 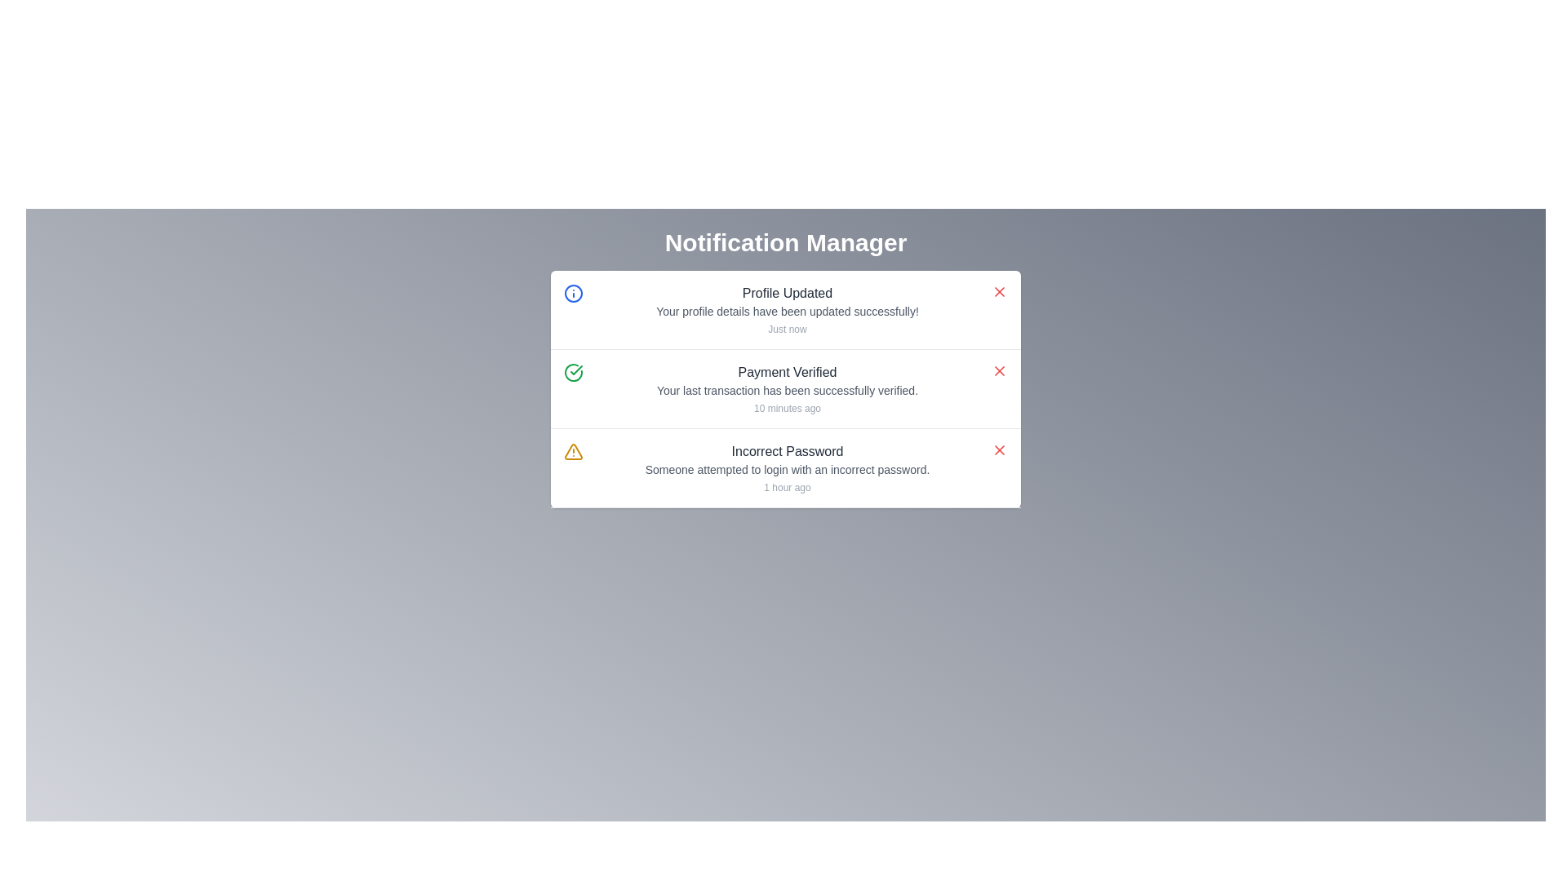 I want to click on the title text of the 'Payment Verified' notification, so click(x=787, y=372).